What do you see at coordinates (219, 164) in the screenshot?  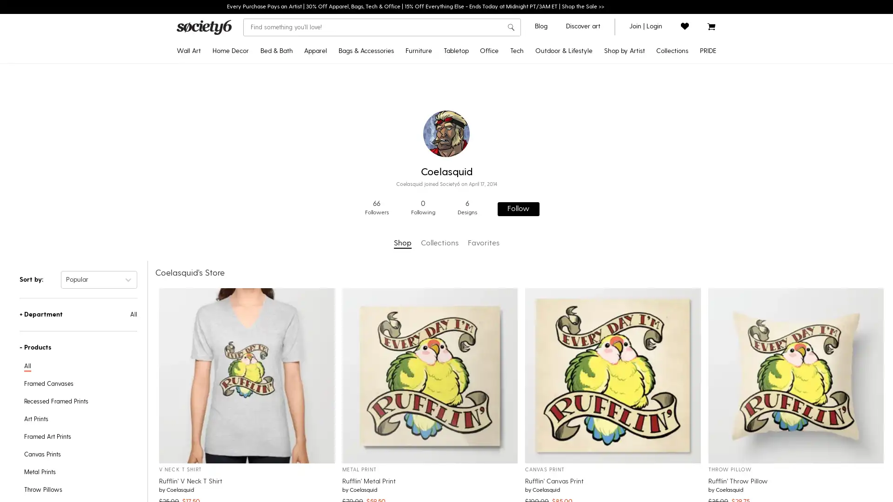 I see `Posters` at bounding box center [219, 164].